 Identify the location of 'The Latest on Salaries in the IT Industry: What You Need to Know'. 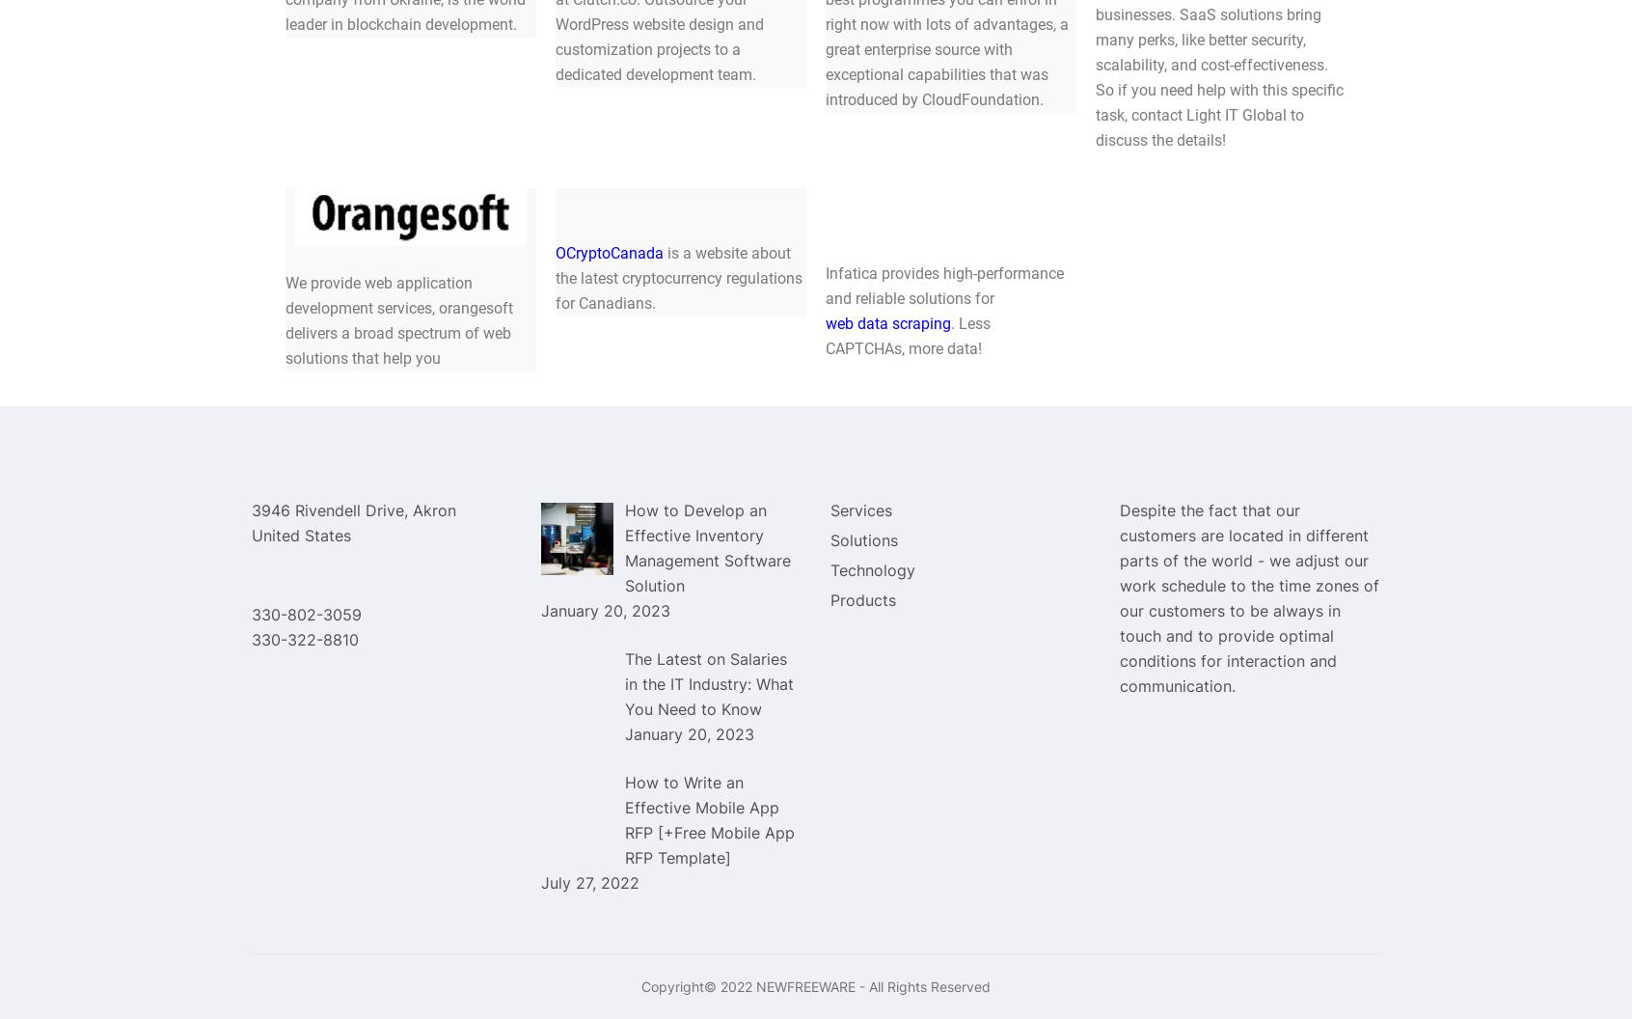
(625, 683).